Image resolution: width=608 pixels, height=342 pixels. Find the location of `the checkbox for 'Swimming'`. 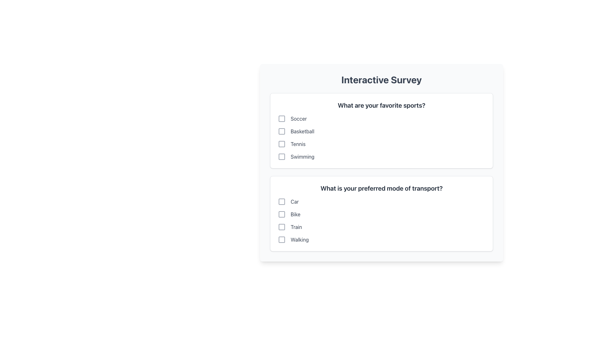

the checkbox for 'Swimming' is located at coordinates (381, 156).